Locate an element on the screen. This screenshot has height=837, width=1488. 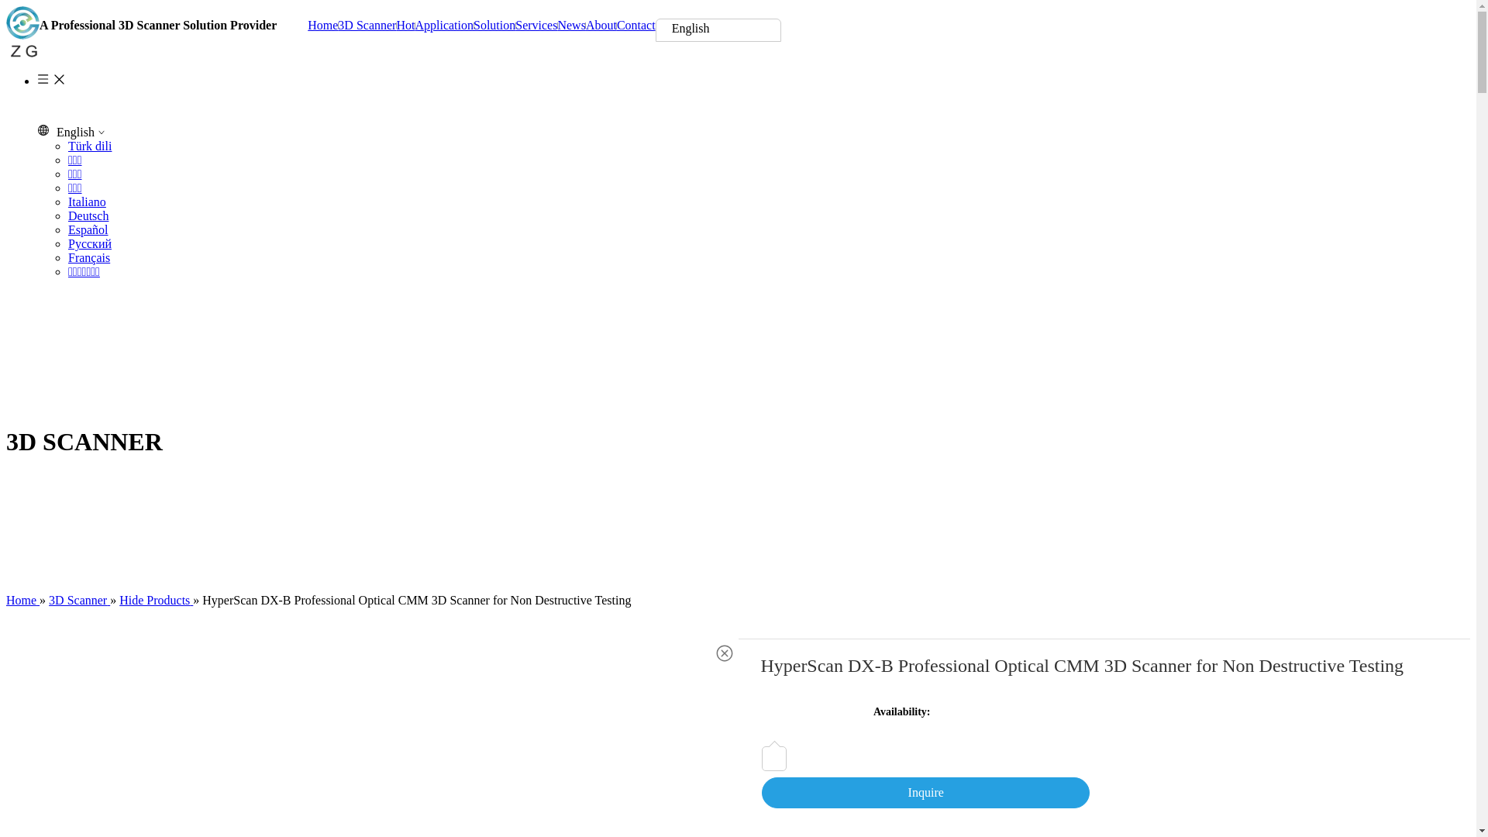
'3D Scanner' is located at coordinates (366, 26).